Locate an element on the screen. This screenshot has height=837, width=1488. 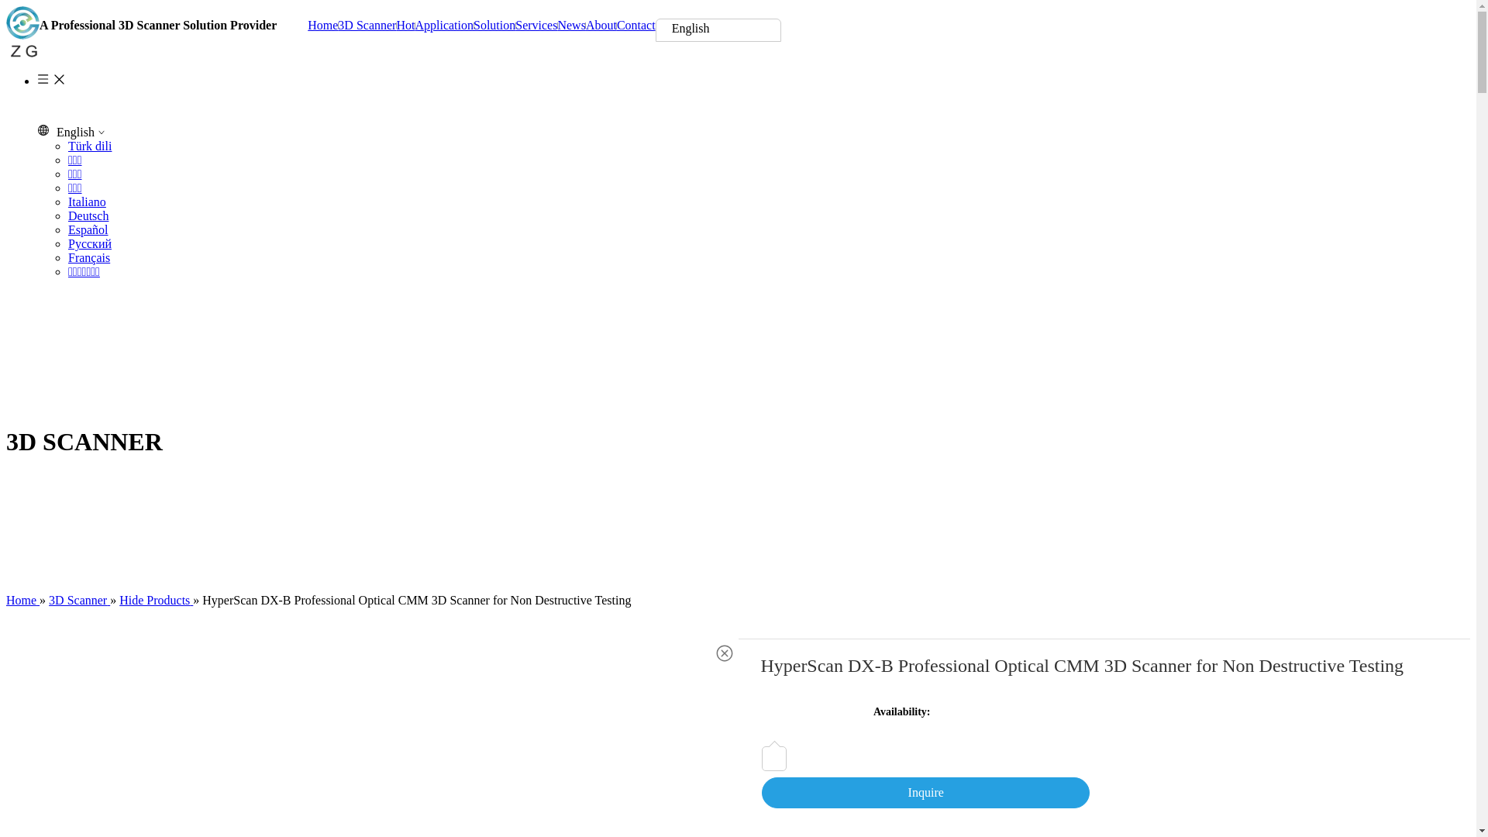
'3D Scanner' is located at coordinates (366, 26).